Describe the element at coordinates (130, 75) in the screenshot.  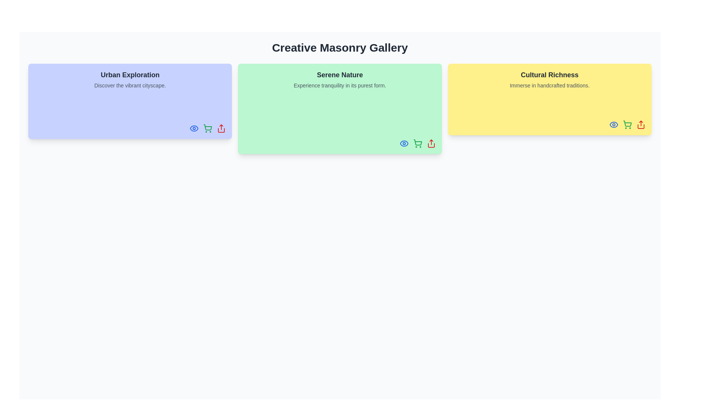
I see `the text heading that serves as the title for the leftmost card in a three-card layout, located directly above the text 'Discover the vibrant cityscape.'` at that location.